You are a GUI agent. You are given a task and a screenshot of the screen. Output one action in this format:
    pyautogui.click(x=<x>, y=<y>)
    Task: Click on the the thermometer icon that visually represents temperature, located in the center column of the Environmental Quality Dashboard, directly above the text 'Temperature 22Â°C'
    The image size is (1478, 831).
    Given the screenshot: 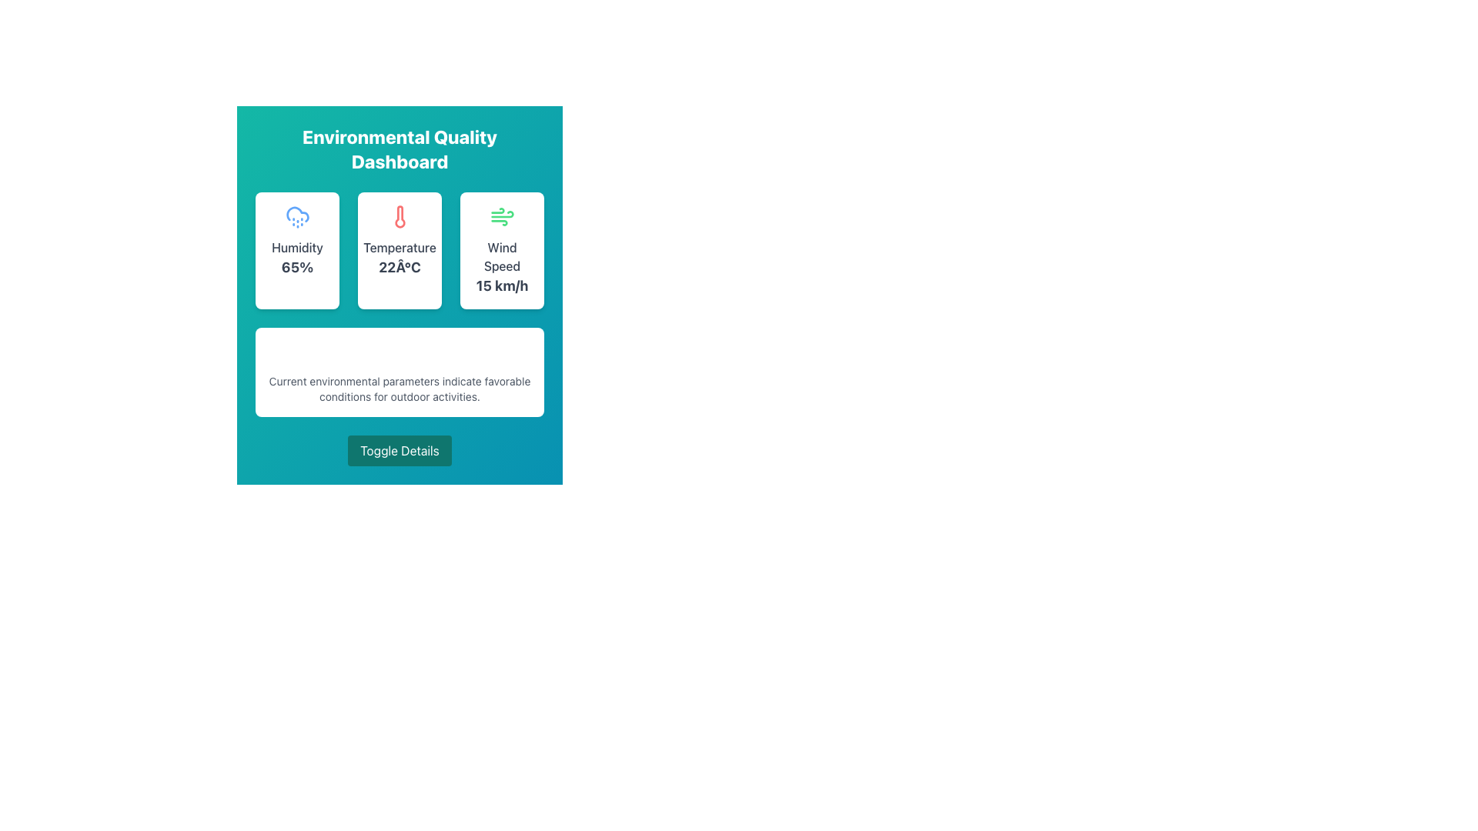 What is the action you would take?
    pyautogui.click(x=400, y=216)
    